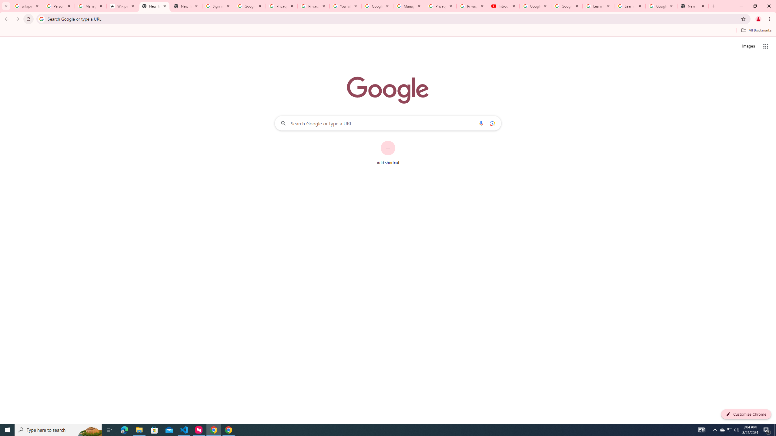 This screenshot has height=436, width=776. What do you see at coordinates (535, 6) in the screenshot?
I see `'Google Account Help'` at bounding box center [535, 6].